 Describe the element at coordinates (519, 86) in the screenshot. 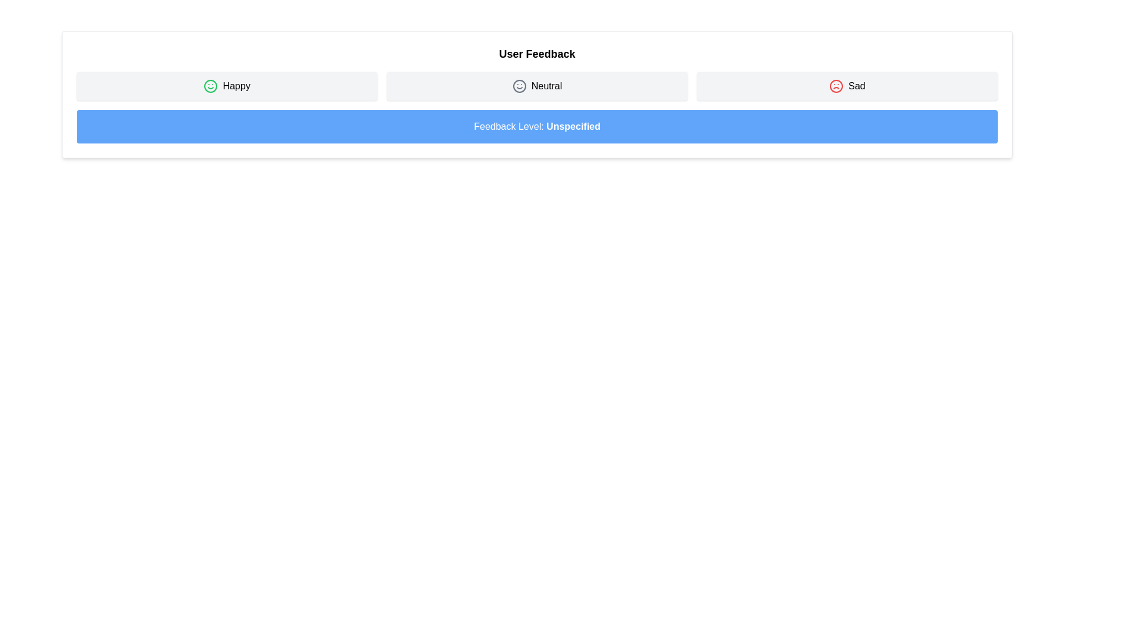

I see `the circular outer boundary of the 'Neutral' feedback icon, positioned in the center of the second option in the feedback row` at that location.